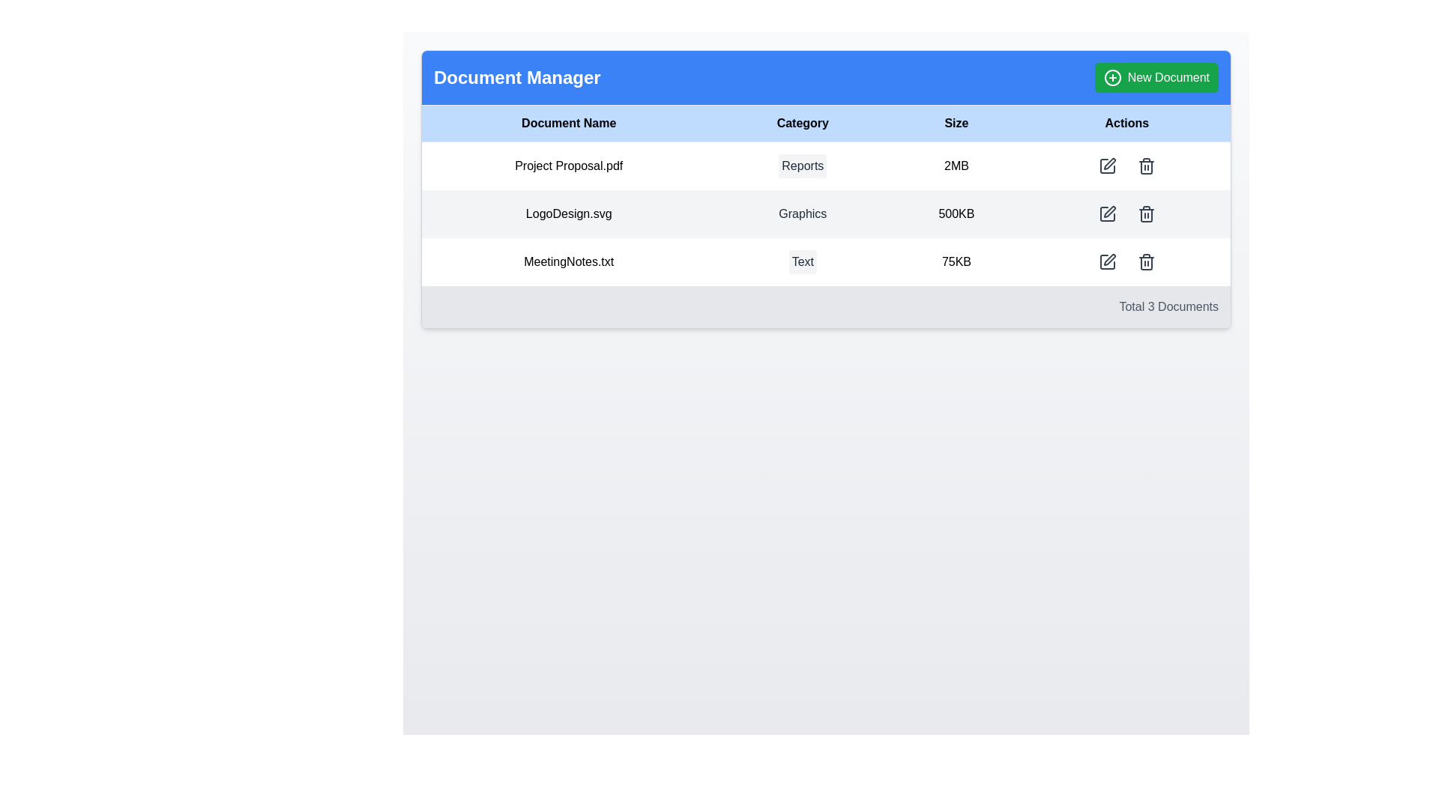  I want to click on the 'Document Name' text label, which is displayed in bold and centered within a light blue rectangular background in the upper-left section of the table header, so click(568, 123).